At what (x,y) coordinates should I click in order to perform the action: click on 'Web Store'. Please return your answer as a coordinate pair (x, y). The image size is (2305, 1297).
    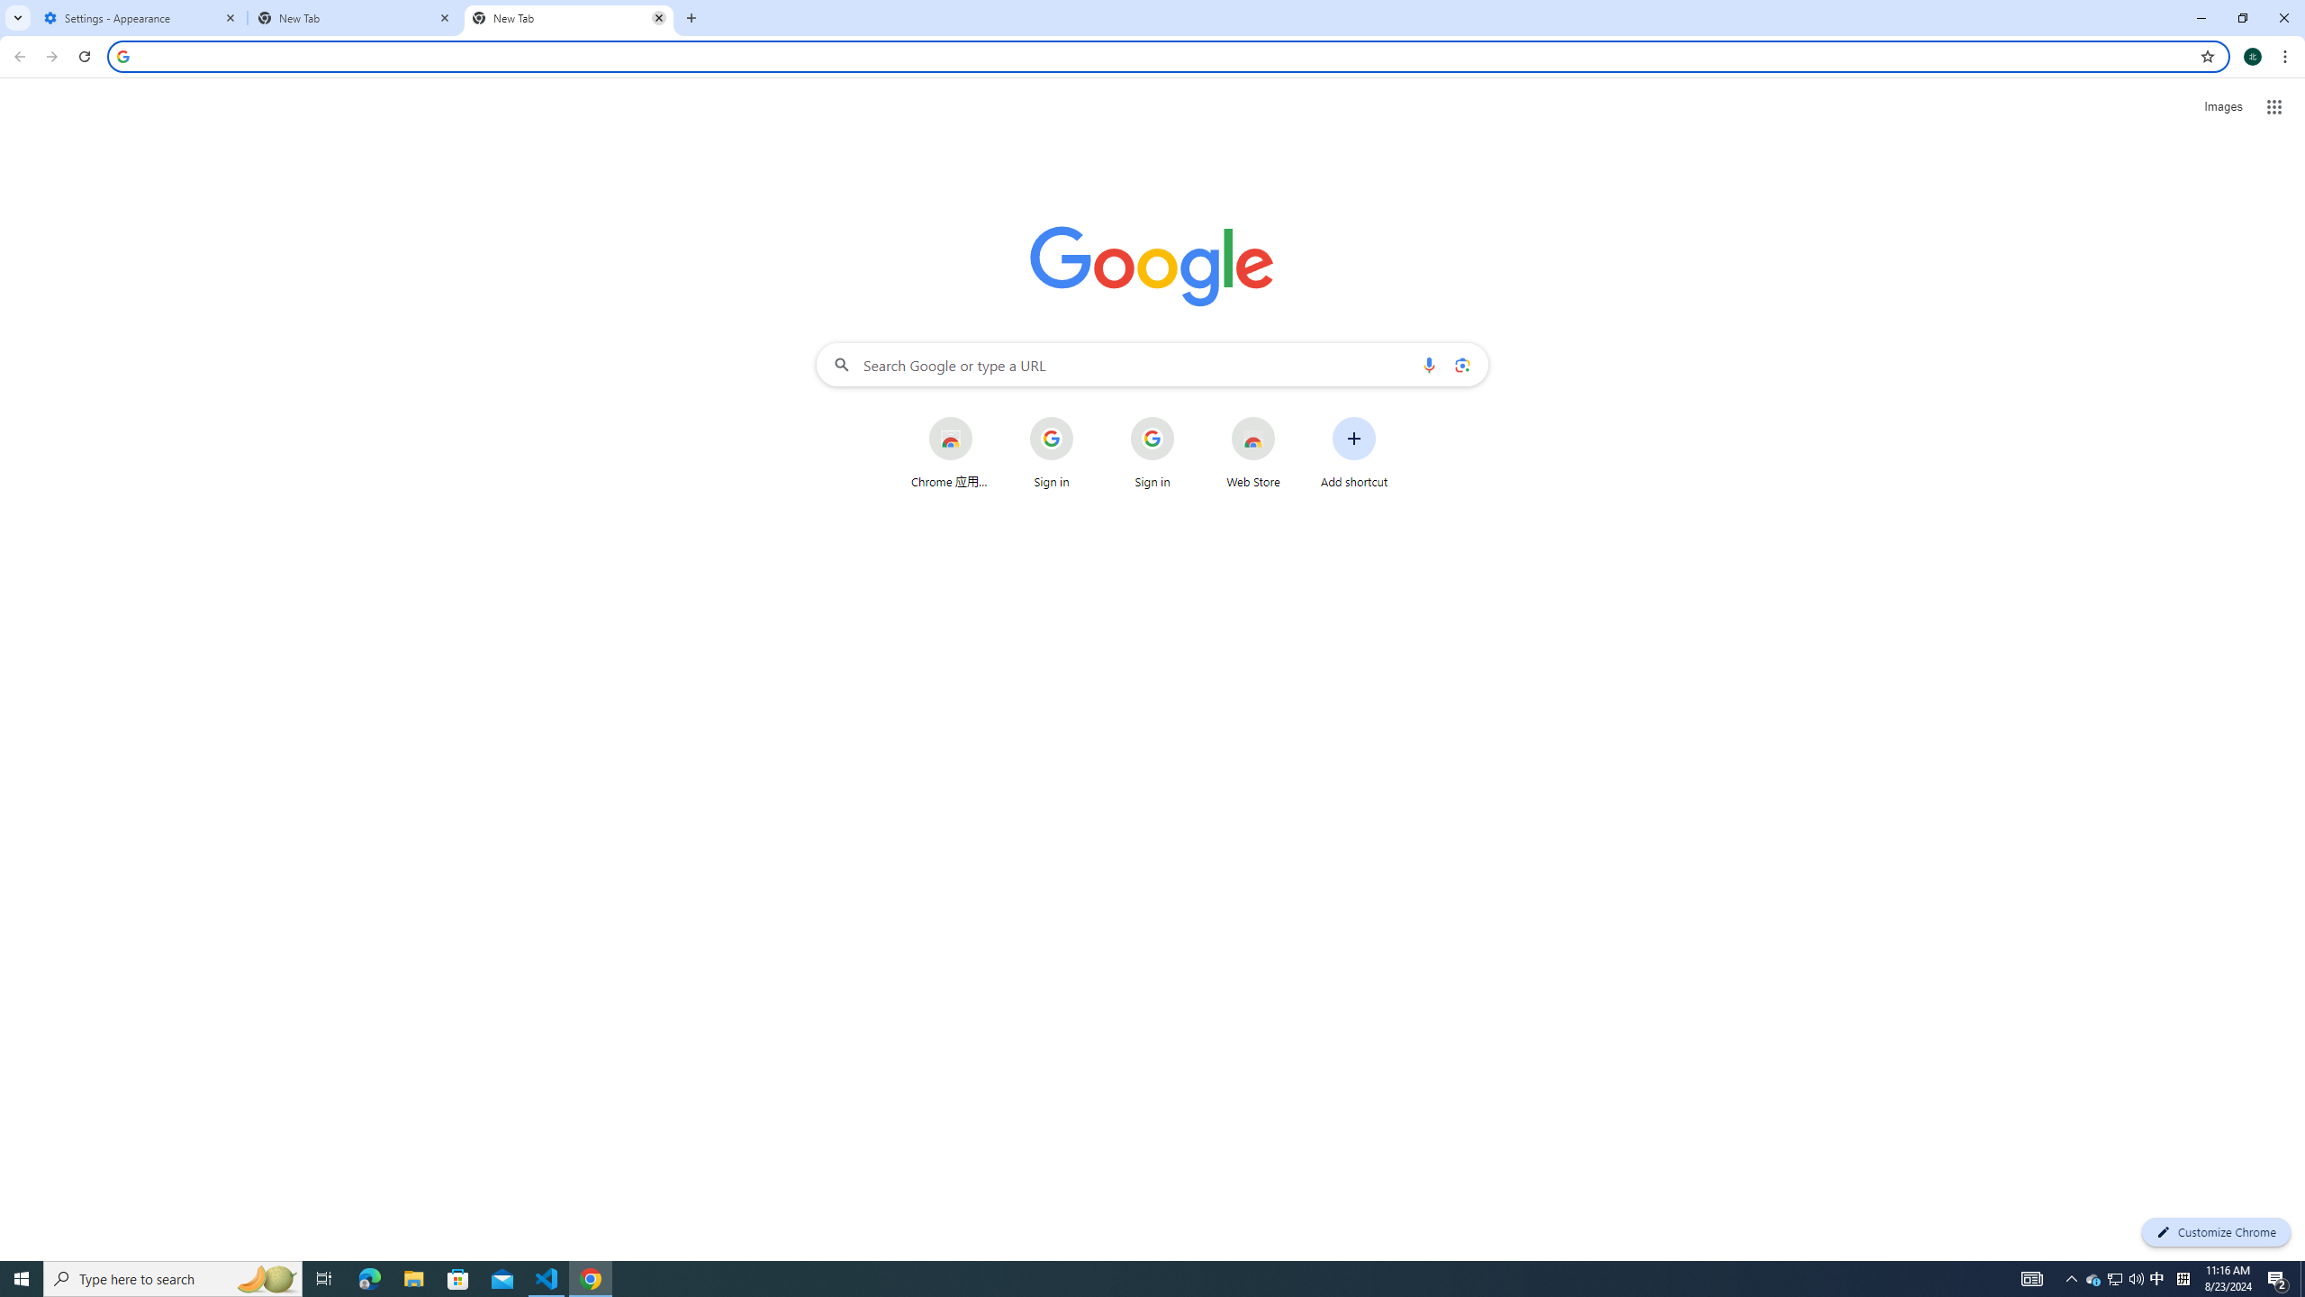
    Looking at the image, I should click on (1252, 451).